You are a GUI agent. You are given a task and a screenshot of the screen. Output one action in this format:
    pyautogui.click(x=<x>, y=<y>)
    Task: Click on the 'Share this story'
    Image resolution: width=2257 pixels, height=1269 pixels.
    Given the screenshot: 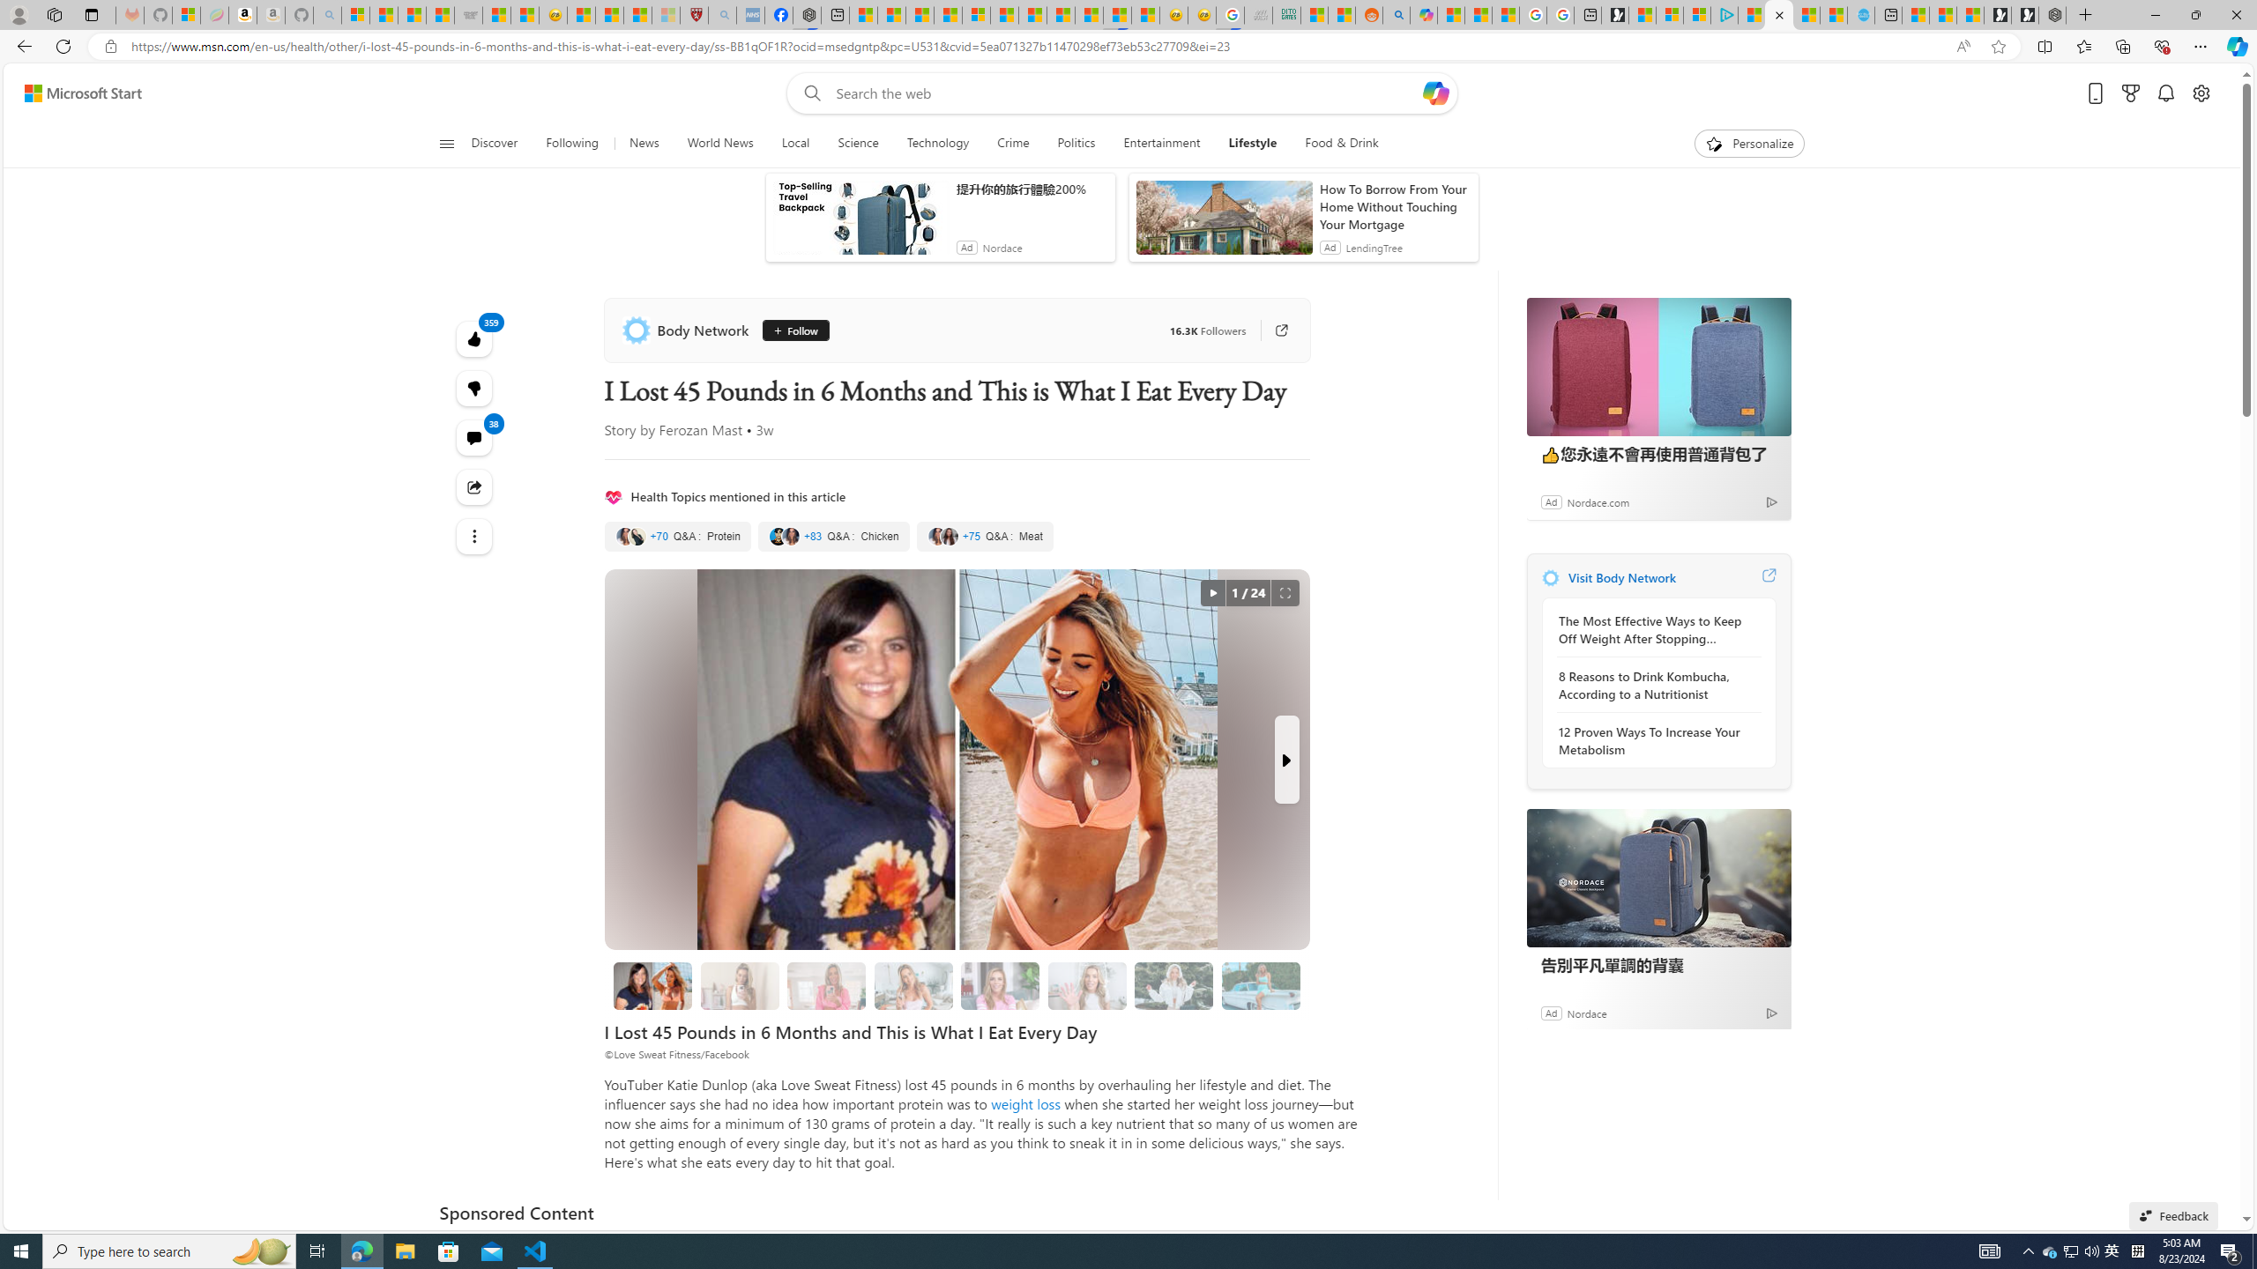 What is the action you would take?
    pyautogui.click(x=473, y=486)
    